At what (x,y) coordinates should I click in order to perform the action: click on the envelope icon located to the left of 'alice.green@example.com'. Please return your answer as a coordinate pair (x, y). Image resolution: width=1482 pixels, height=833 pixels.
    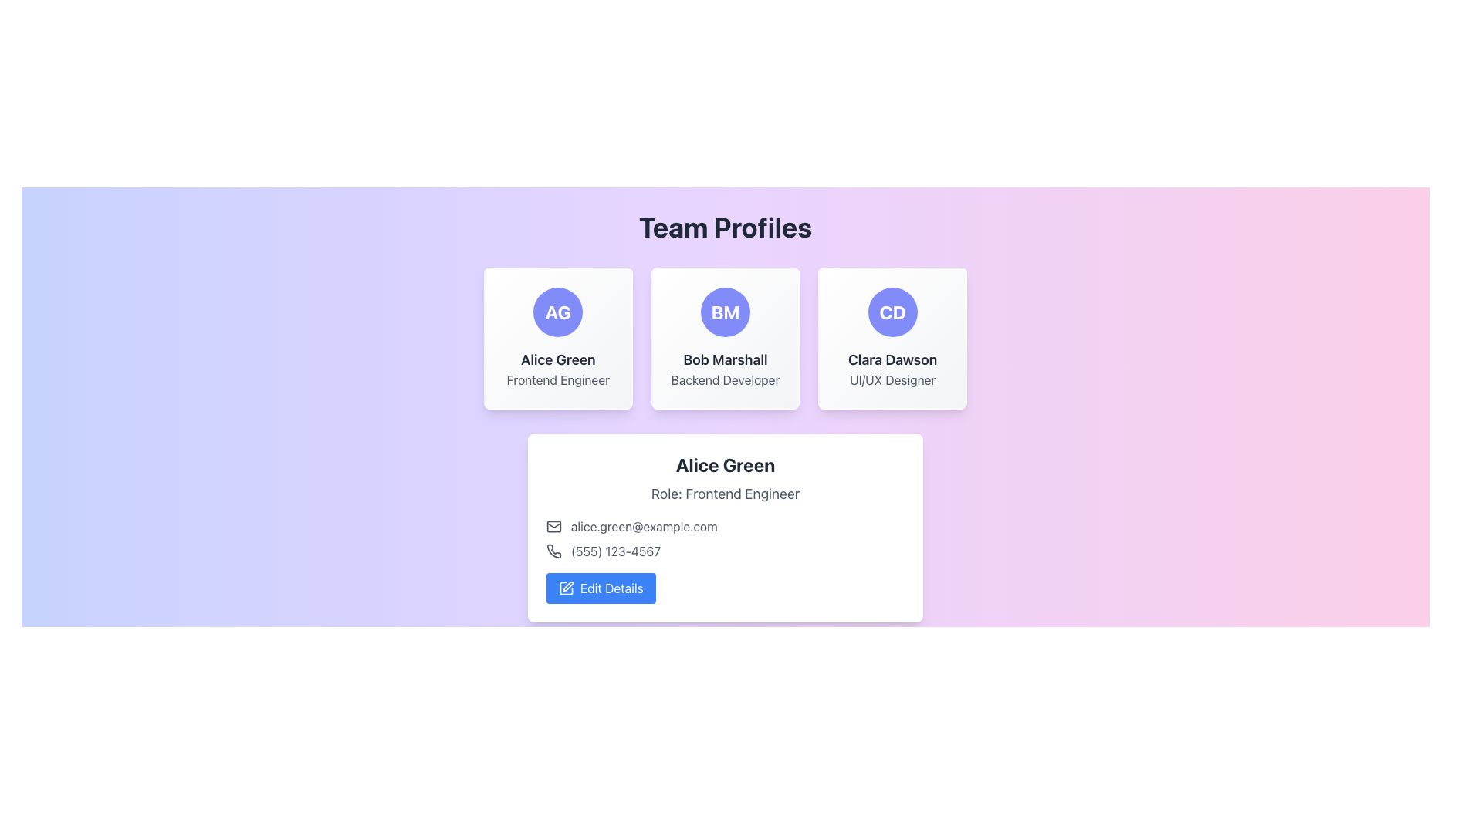
    Looking at the image, I should click on (554, 525).